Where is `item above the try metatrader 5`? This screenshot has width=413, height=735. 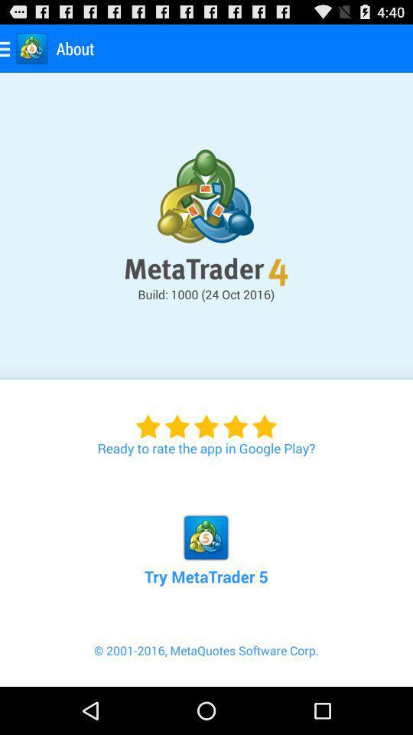
item above the try metatrader 5 is located at coordinates (206, 418).